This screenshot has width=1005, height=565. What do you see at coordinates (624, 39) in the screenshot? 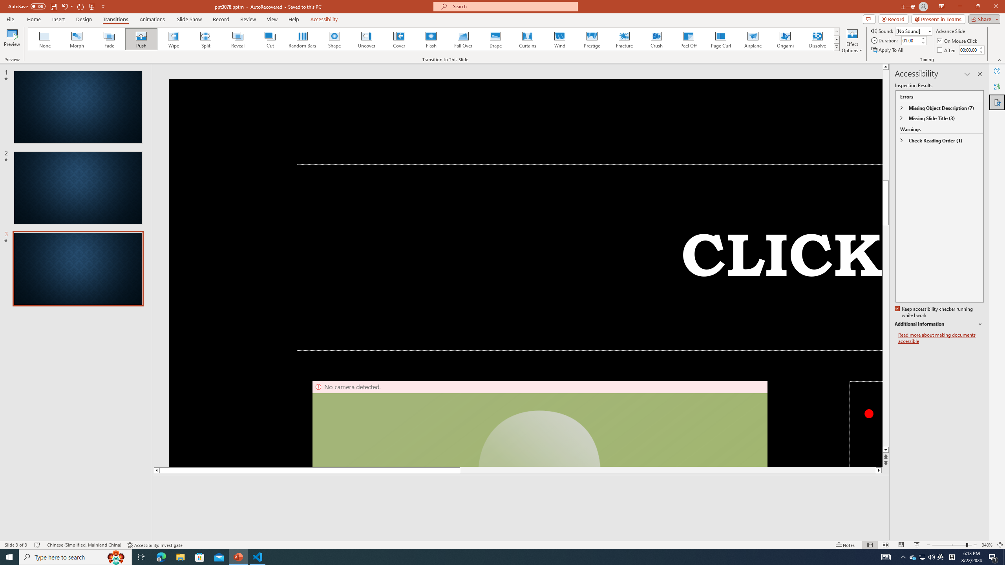
I see `'Fracture'` at bounding box center [624, 39].